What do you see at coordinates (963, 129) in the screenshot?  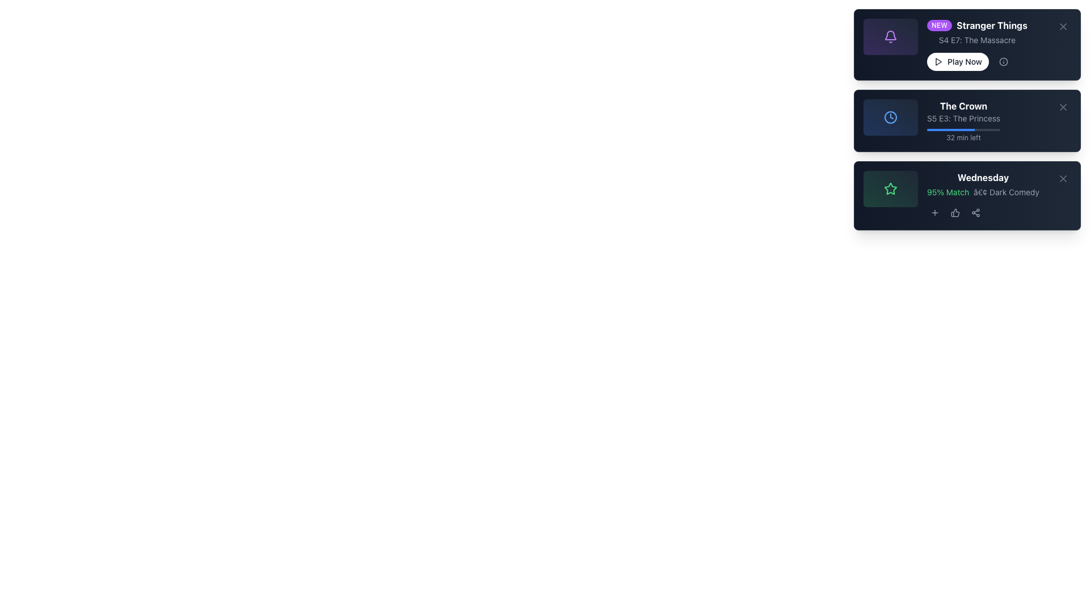 I see `the progress bar located at the center of the card labeled 'The Crown', positioned above the text '32 min left'` at bounding box center [963, 129].